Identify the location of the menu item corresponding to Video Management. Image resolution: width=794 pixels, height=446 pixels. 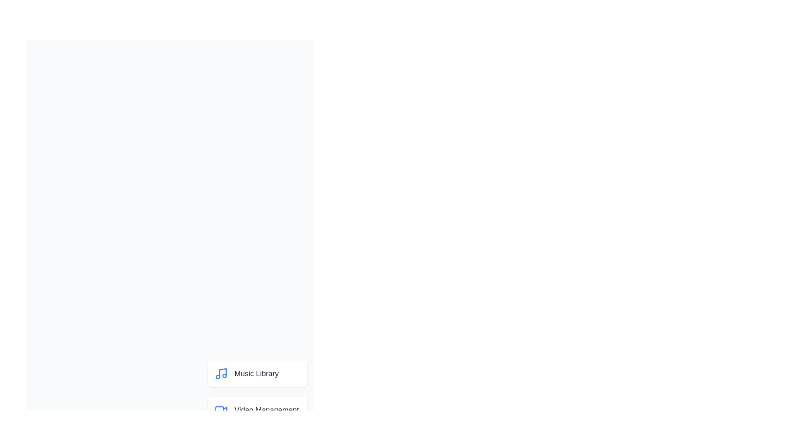
(257, 410).